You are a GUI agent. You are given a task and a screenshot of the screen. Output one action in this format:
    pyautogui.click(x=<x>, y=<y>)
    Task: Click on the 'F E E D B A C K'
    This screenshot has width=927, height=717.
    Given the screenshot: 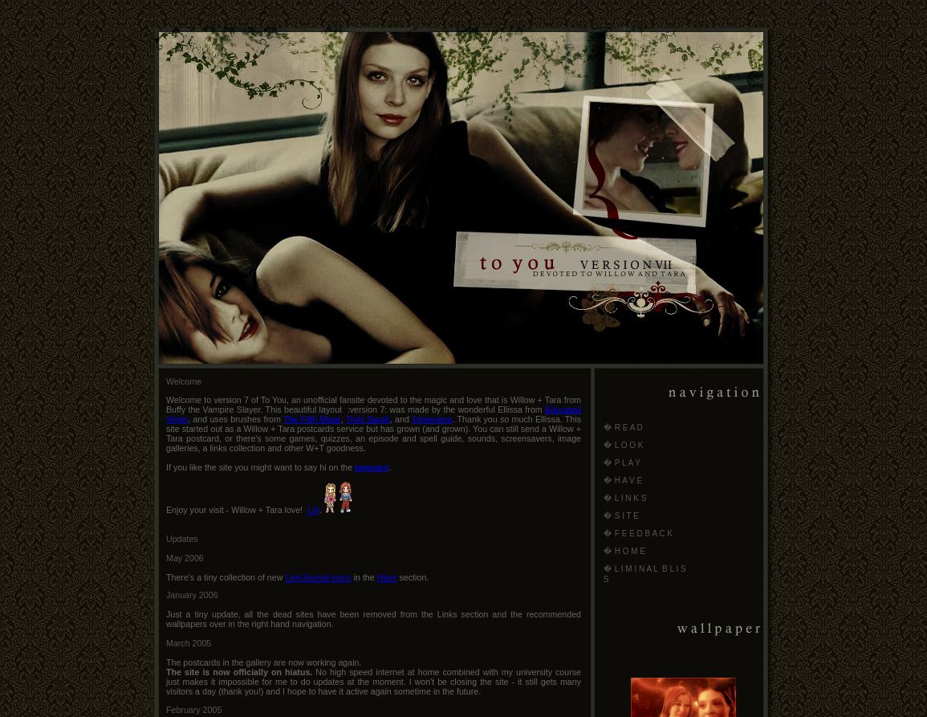 What is the action you would take?
    pyautogui.click(x=613, y=533)
    